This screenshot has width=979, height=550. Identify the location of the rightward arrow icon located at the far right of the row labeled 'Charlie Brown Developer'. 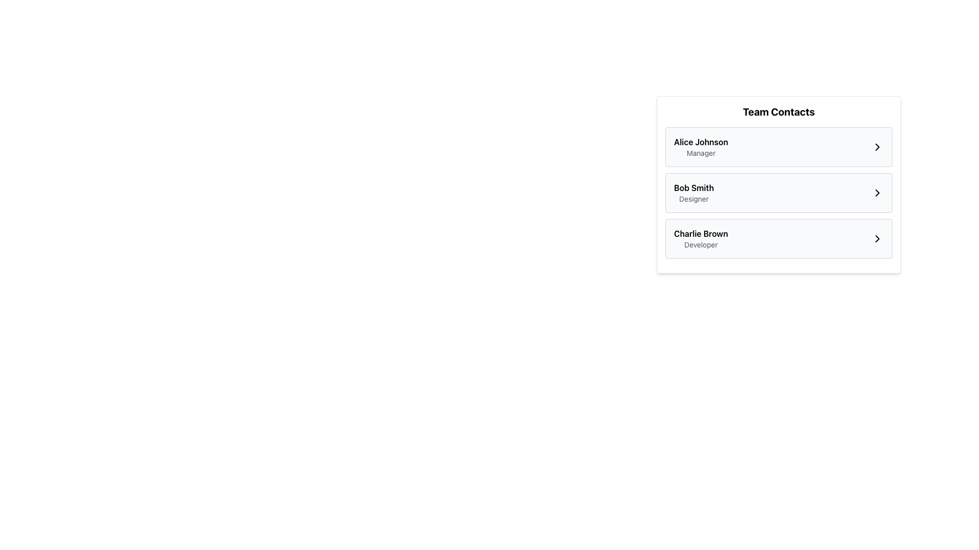
(877, 239).